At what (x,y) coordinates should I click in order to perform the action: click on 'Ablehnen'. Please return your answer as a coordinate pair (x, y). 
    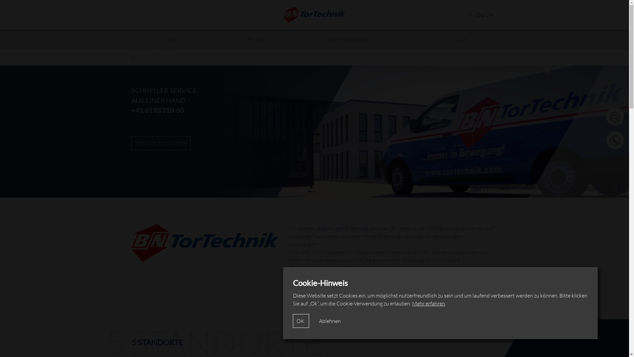
    Looking at the image, I should click on (330, 321).